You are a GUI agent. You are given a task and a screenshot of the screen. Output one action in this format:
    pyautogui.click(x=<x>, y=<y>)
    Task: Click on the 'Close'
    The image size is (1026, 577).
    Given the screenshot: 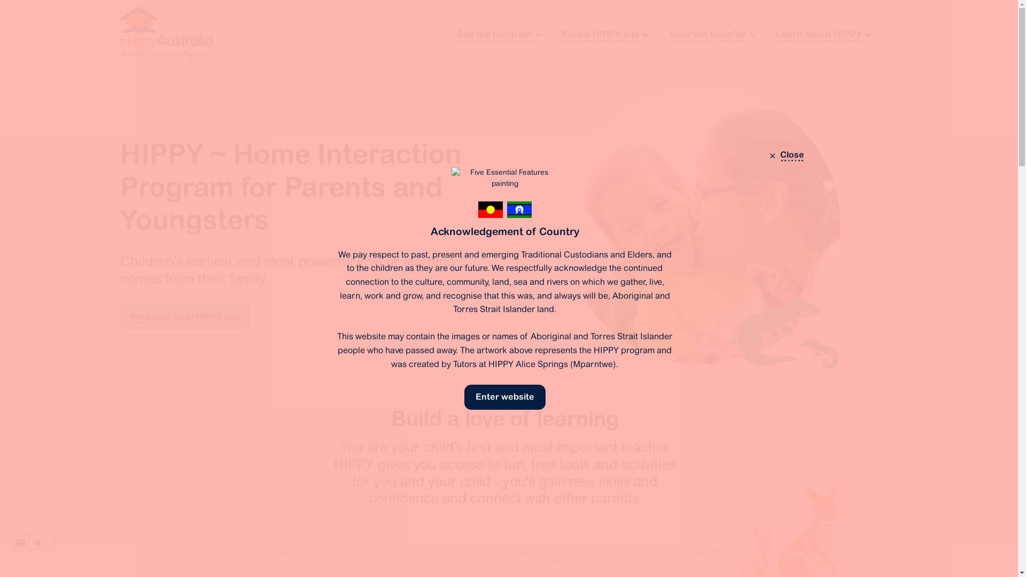 What is the action you would take?
    pyautogui.click(x=786, y=154)
    